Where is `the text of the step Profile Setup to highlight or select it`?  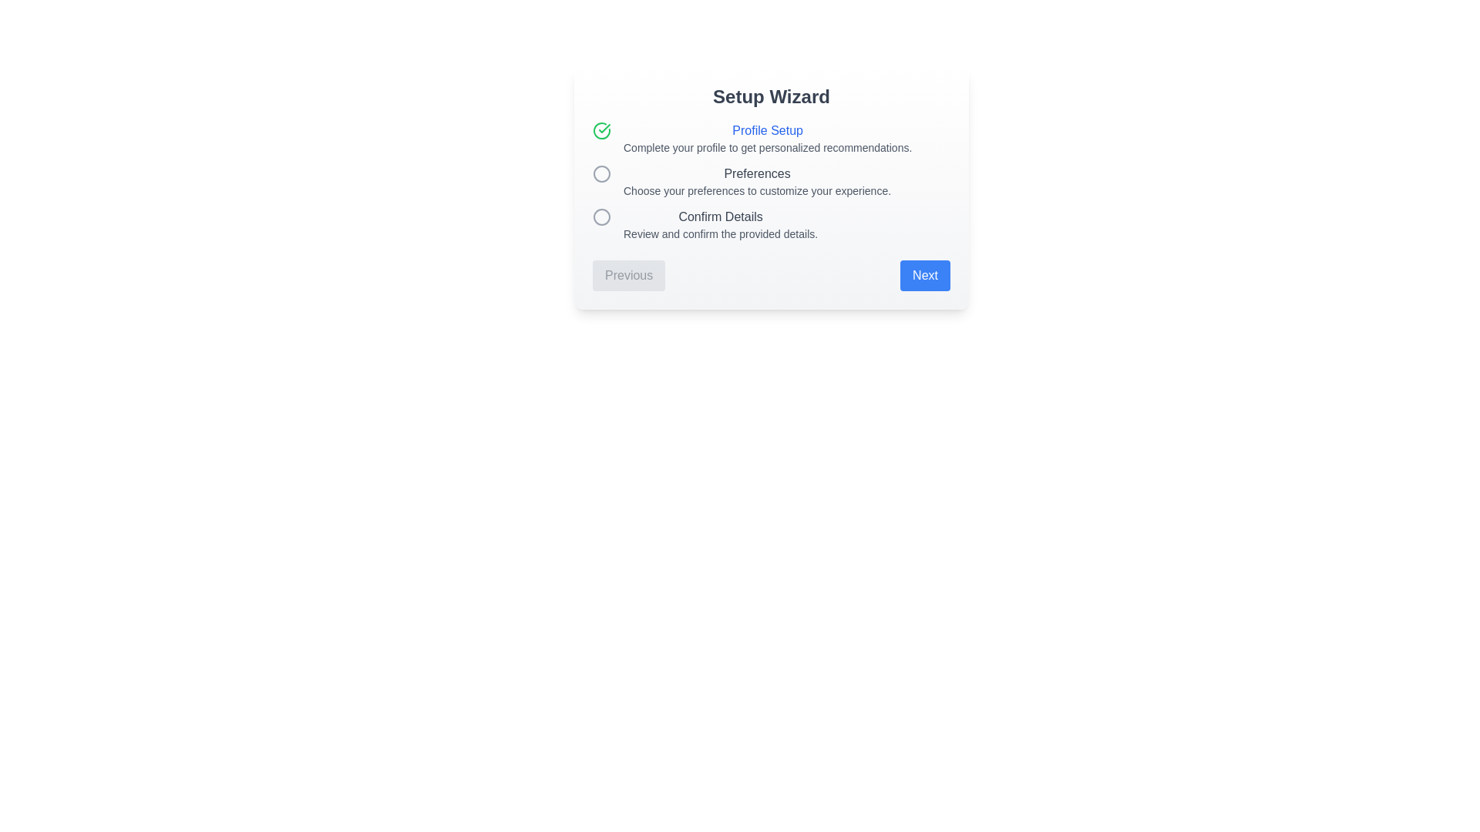 the text of the step Profile Setup to highlight or select it is located at coordinates (768, 129).